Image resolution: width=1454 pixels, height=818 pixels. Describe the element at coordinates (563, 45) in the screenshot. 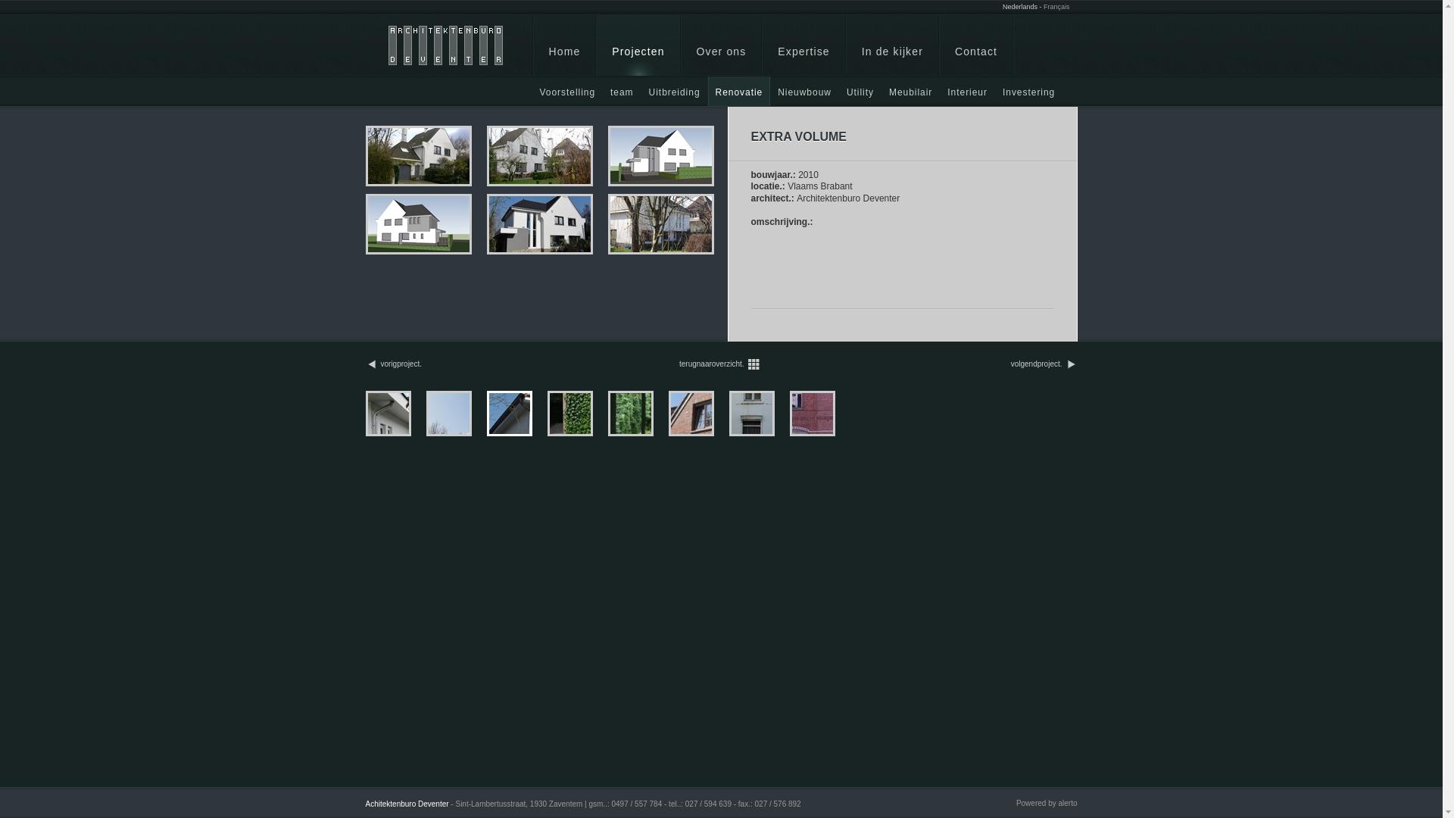

I see `'Home'` at that location.